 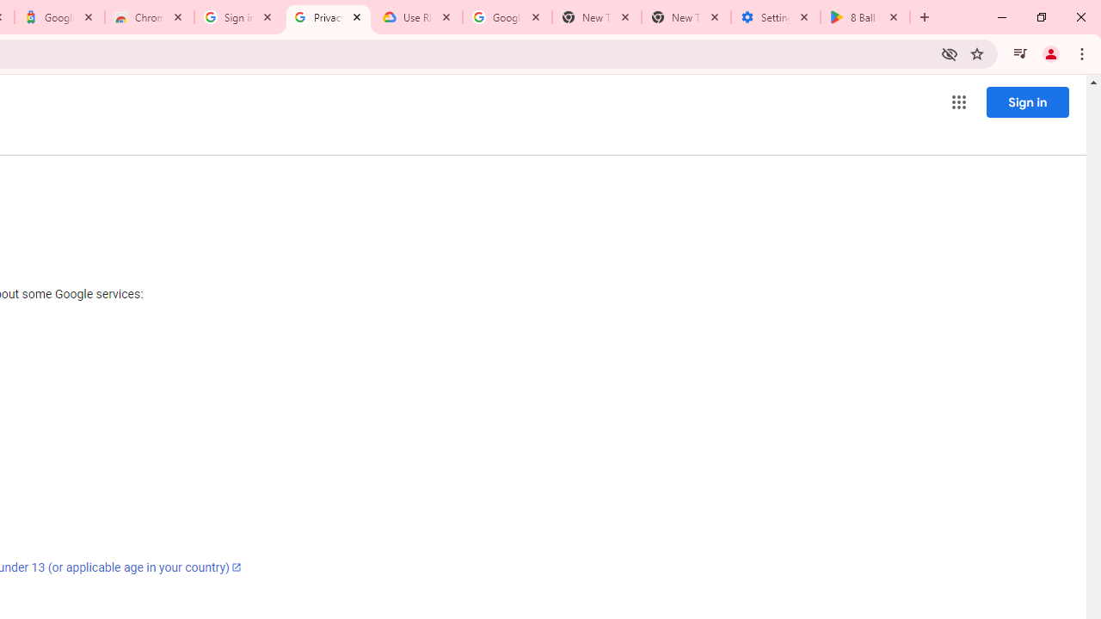 What do you see at coordinates (774, 17) in the screenshot?
I see `'Settings - System'` at bounding box center [774, 17].